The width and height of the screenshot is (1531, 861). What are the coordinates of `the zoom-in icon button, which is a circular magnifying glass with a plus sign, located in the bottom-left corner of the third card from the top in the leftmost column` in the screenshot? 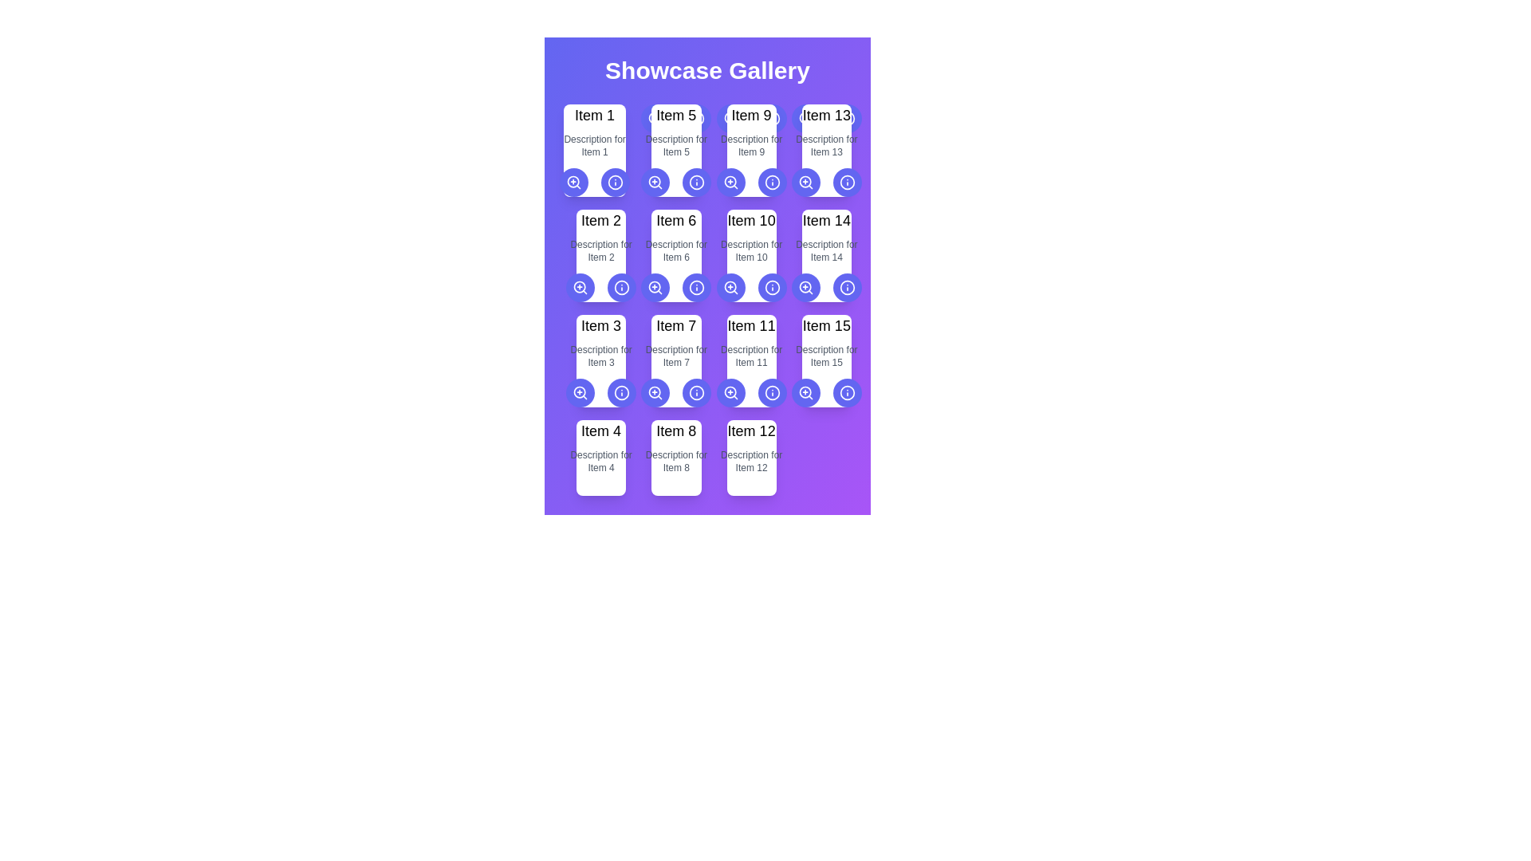 It's located at (580, 393).